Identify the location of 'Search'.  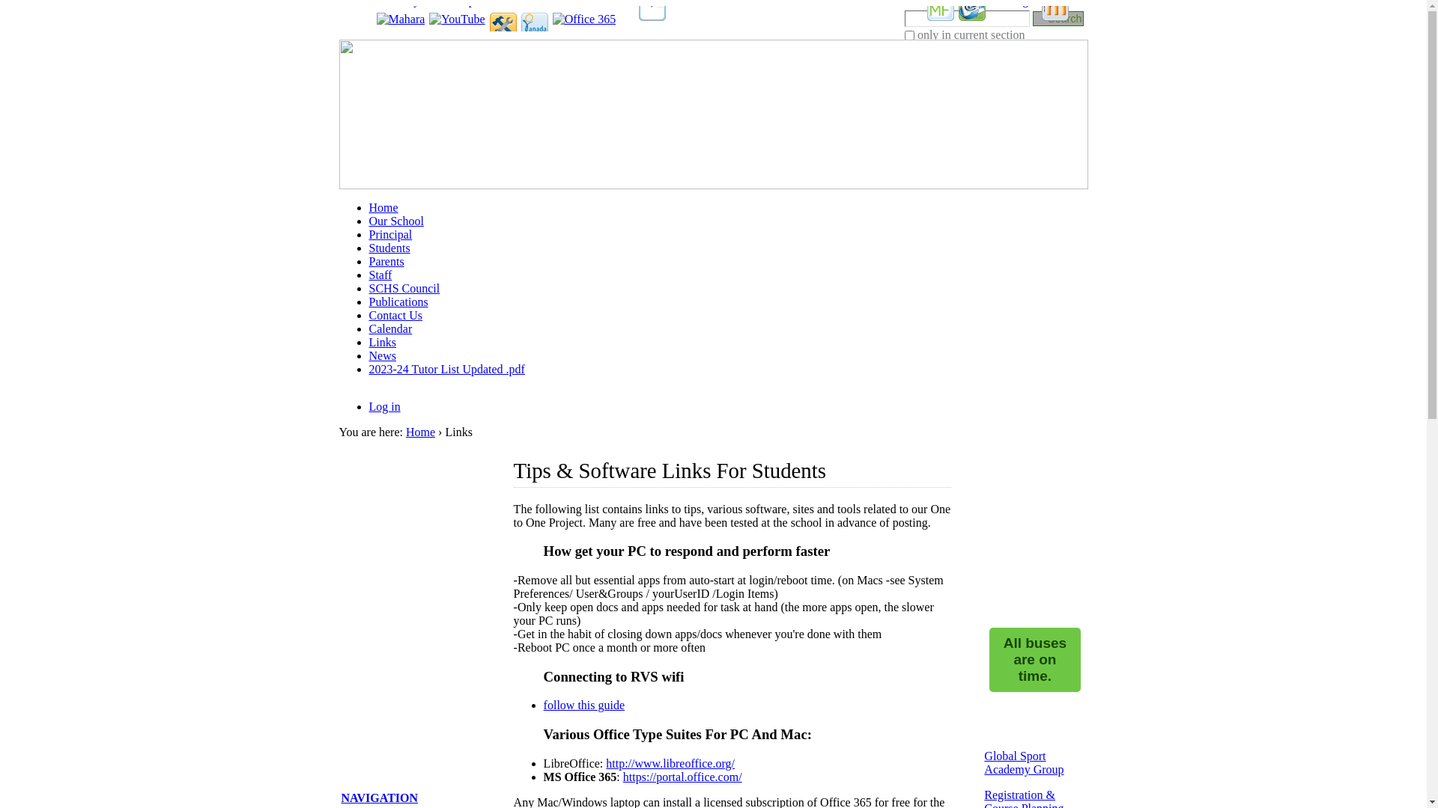
(1031, 17).